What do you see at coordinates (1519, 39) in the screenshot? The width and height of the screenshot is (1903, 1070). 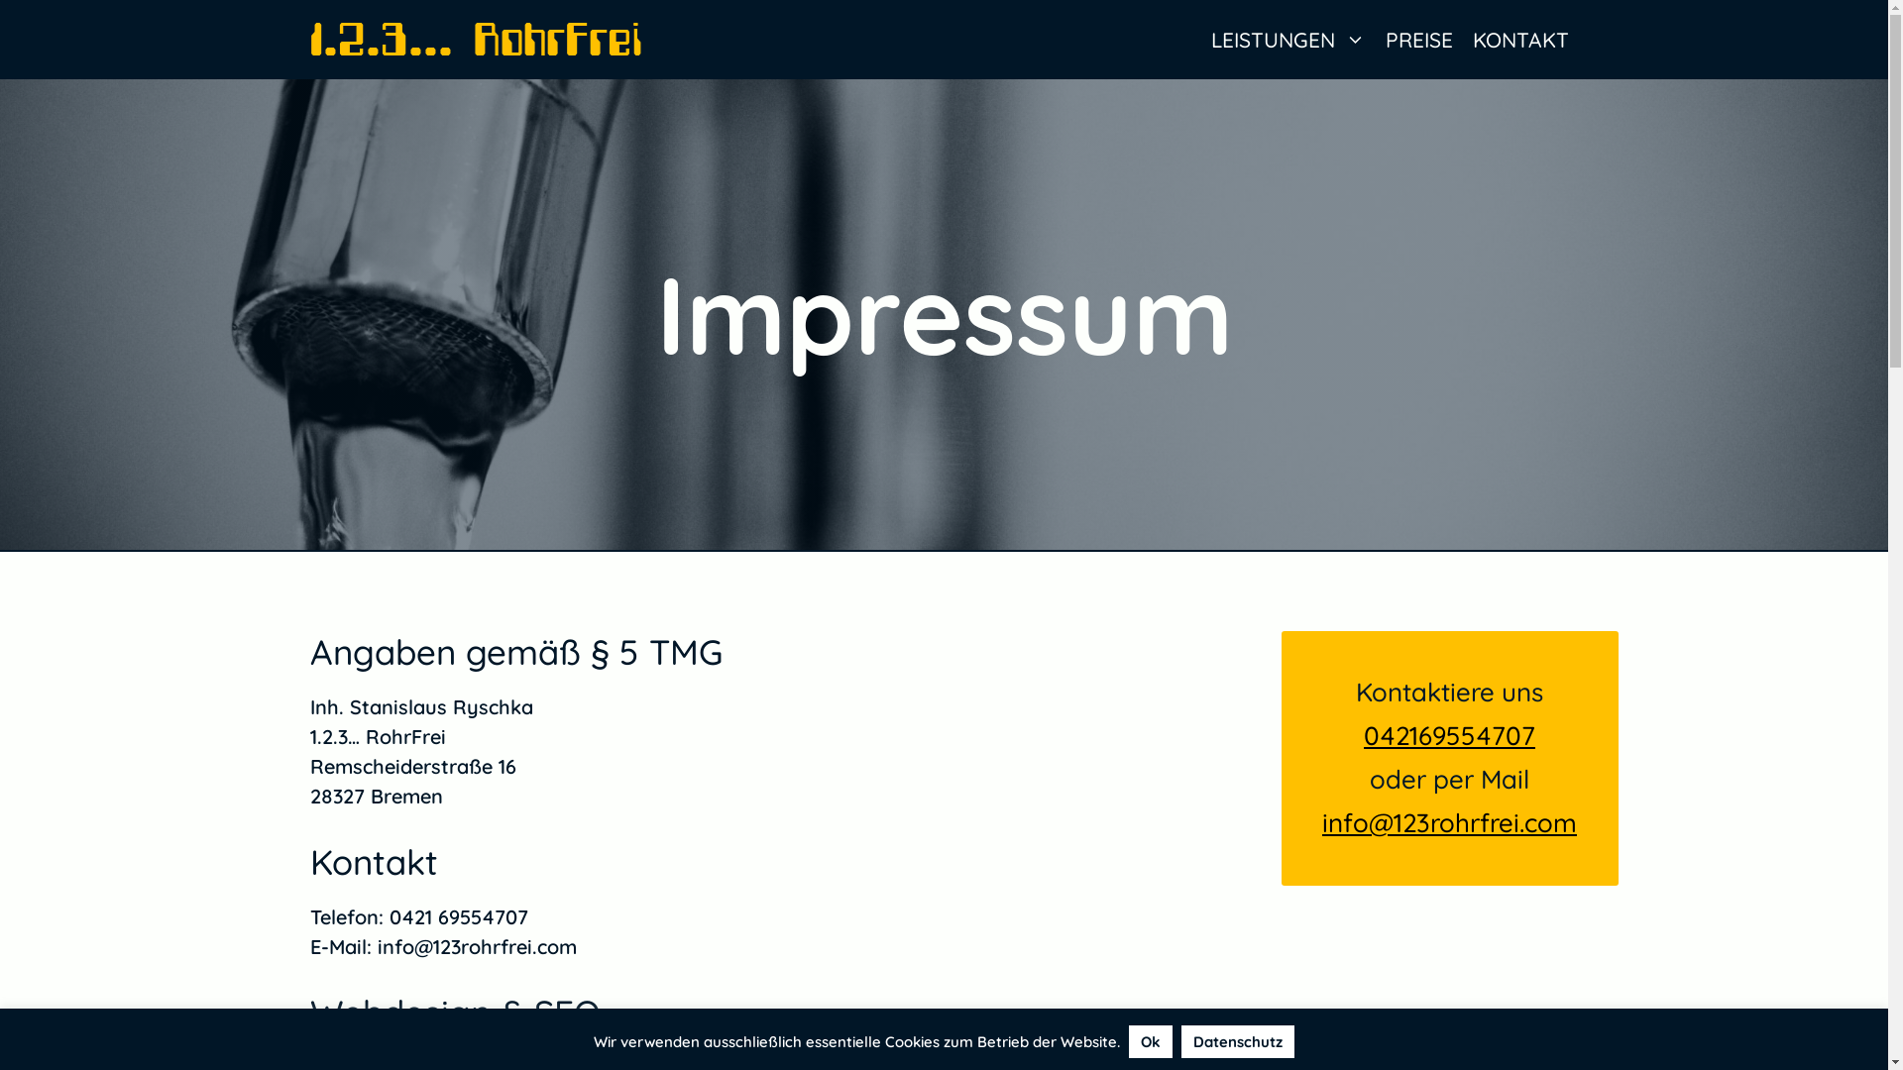 I see `'KONTAKT'` at bounding box center [1519, 39].